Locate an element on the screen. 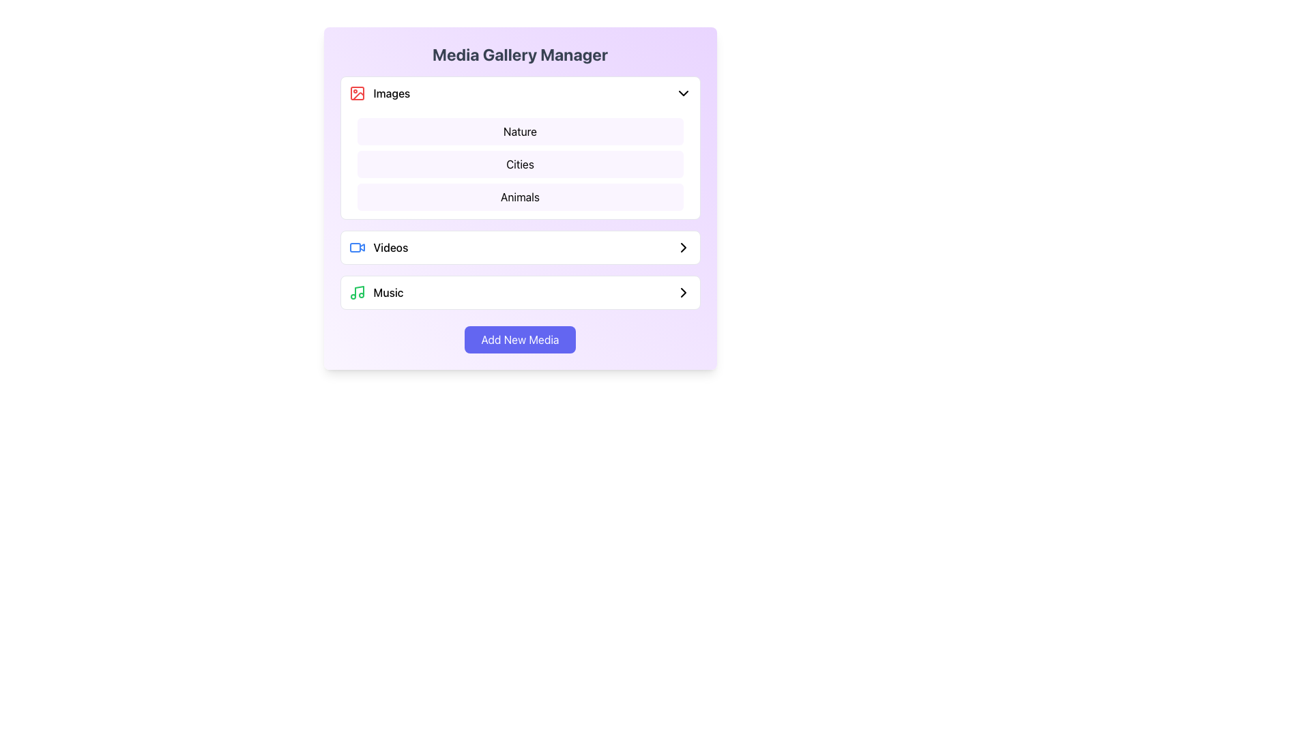 This screenshot has width=1310, height=737. the forward arrow icon, which is a clean, modern outline style arrowhead pointing to the right, located to the right of the 'Music' option, to receive the tooltip is located at coordinates (683, 247).